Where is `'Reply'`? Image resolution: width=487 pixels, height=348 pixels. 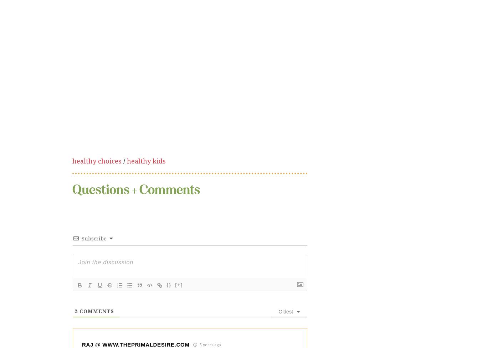
'Reply' is located at coordinates (125, 307).